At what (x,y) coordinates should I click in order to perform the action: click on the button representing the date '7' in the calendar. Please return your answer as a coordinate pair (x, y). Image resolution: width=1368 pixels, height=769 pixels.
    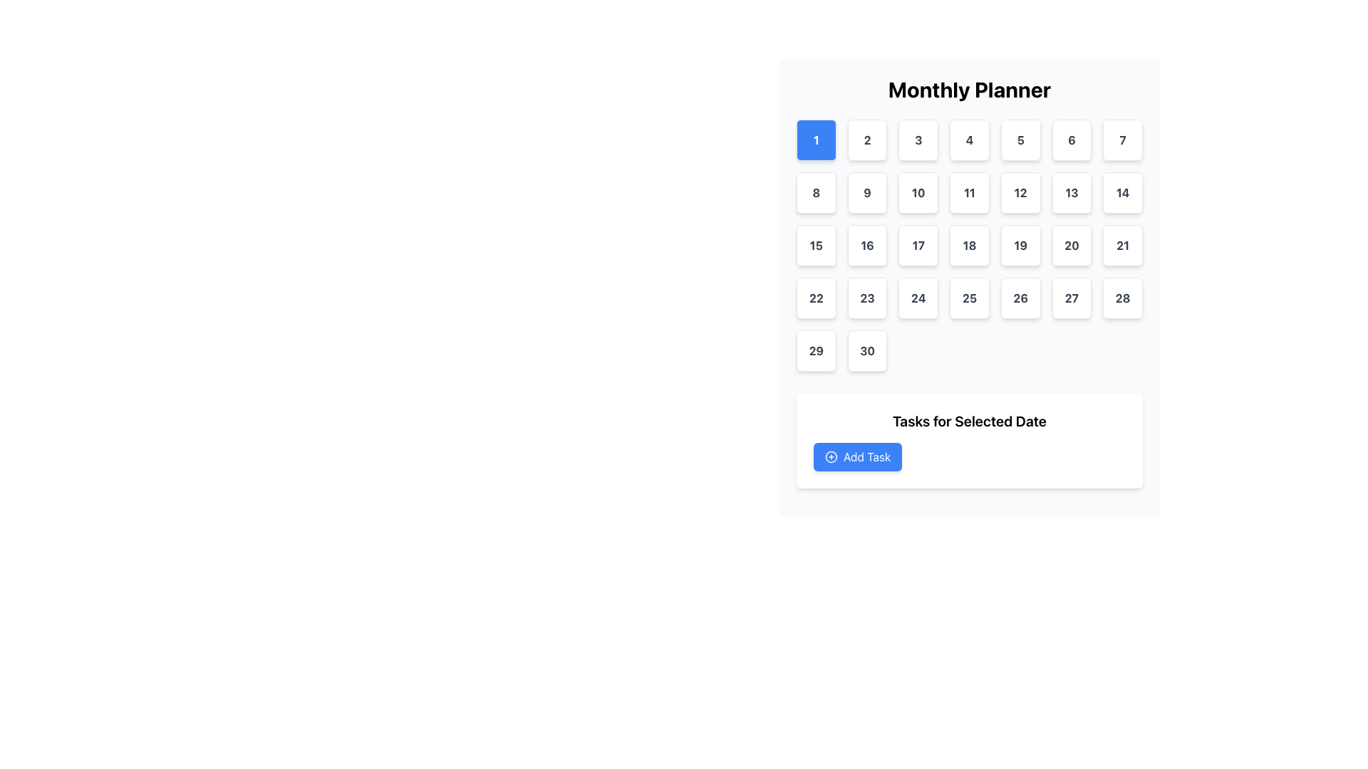
    Looking at the image, I should click on (1122, 140).